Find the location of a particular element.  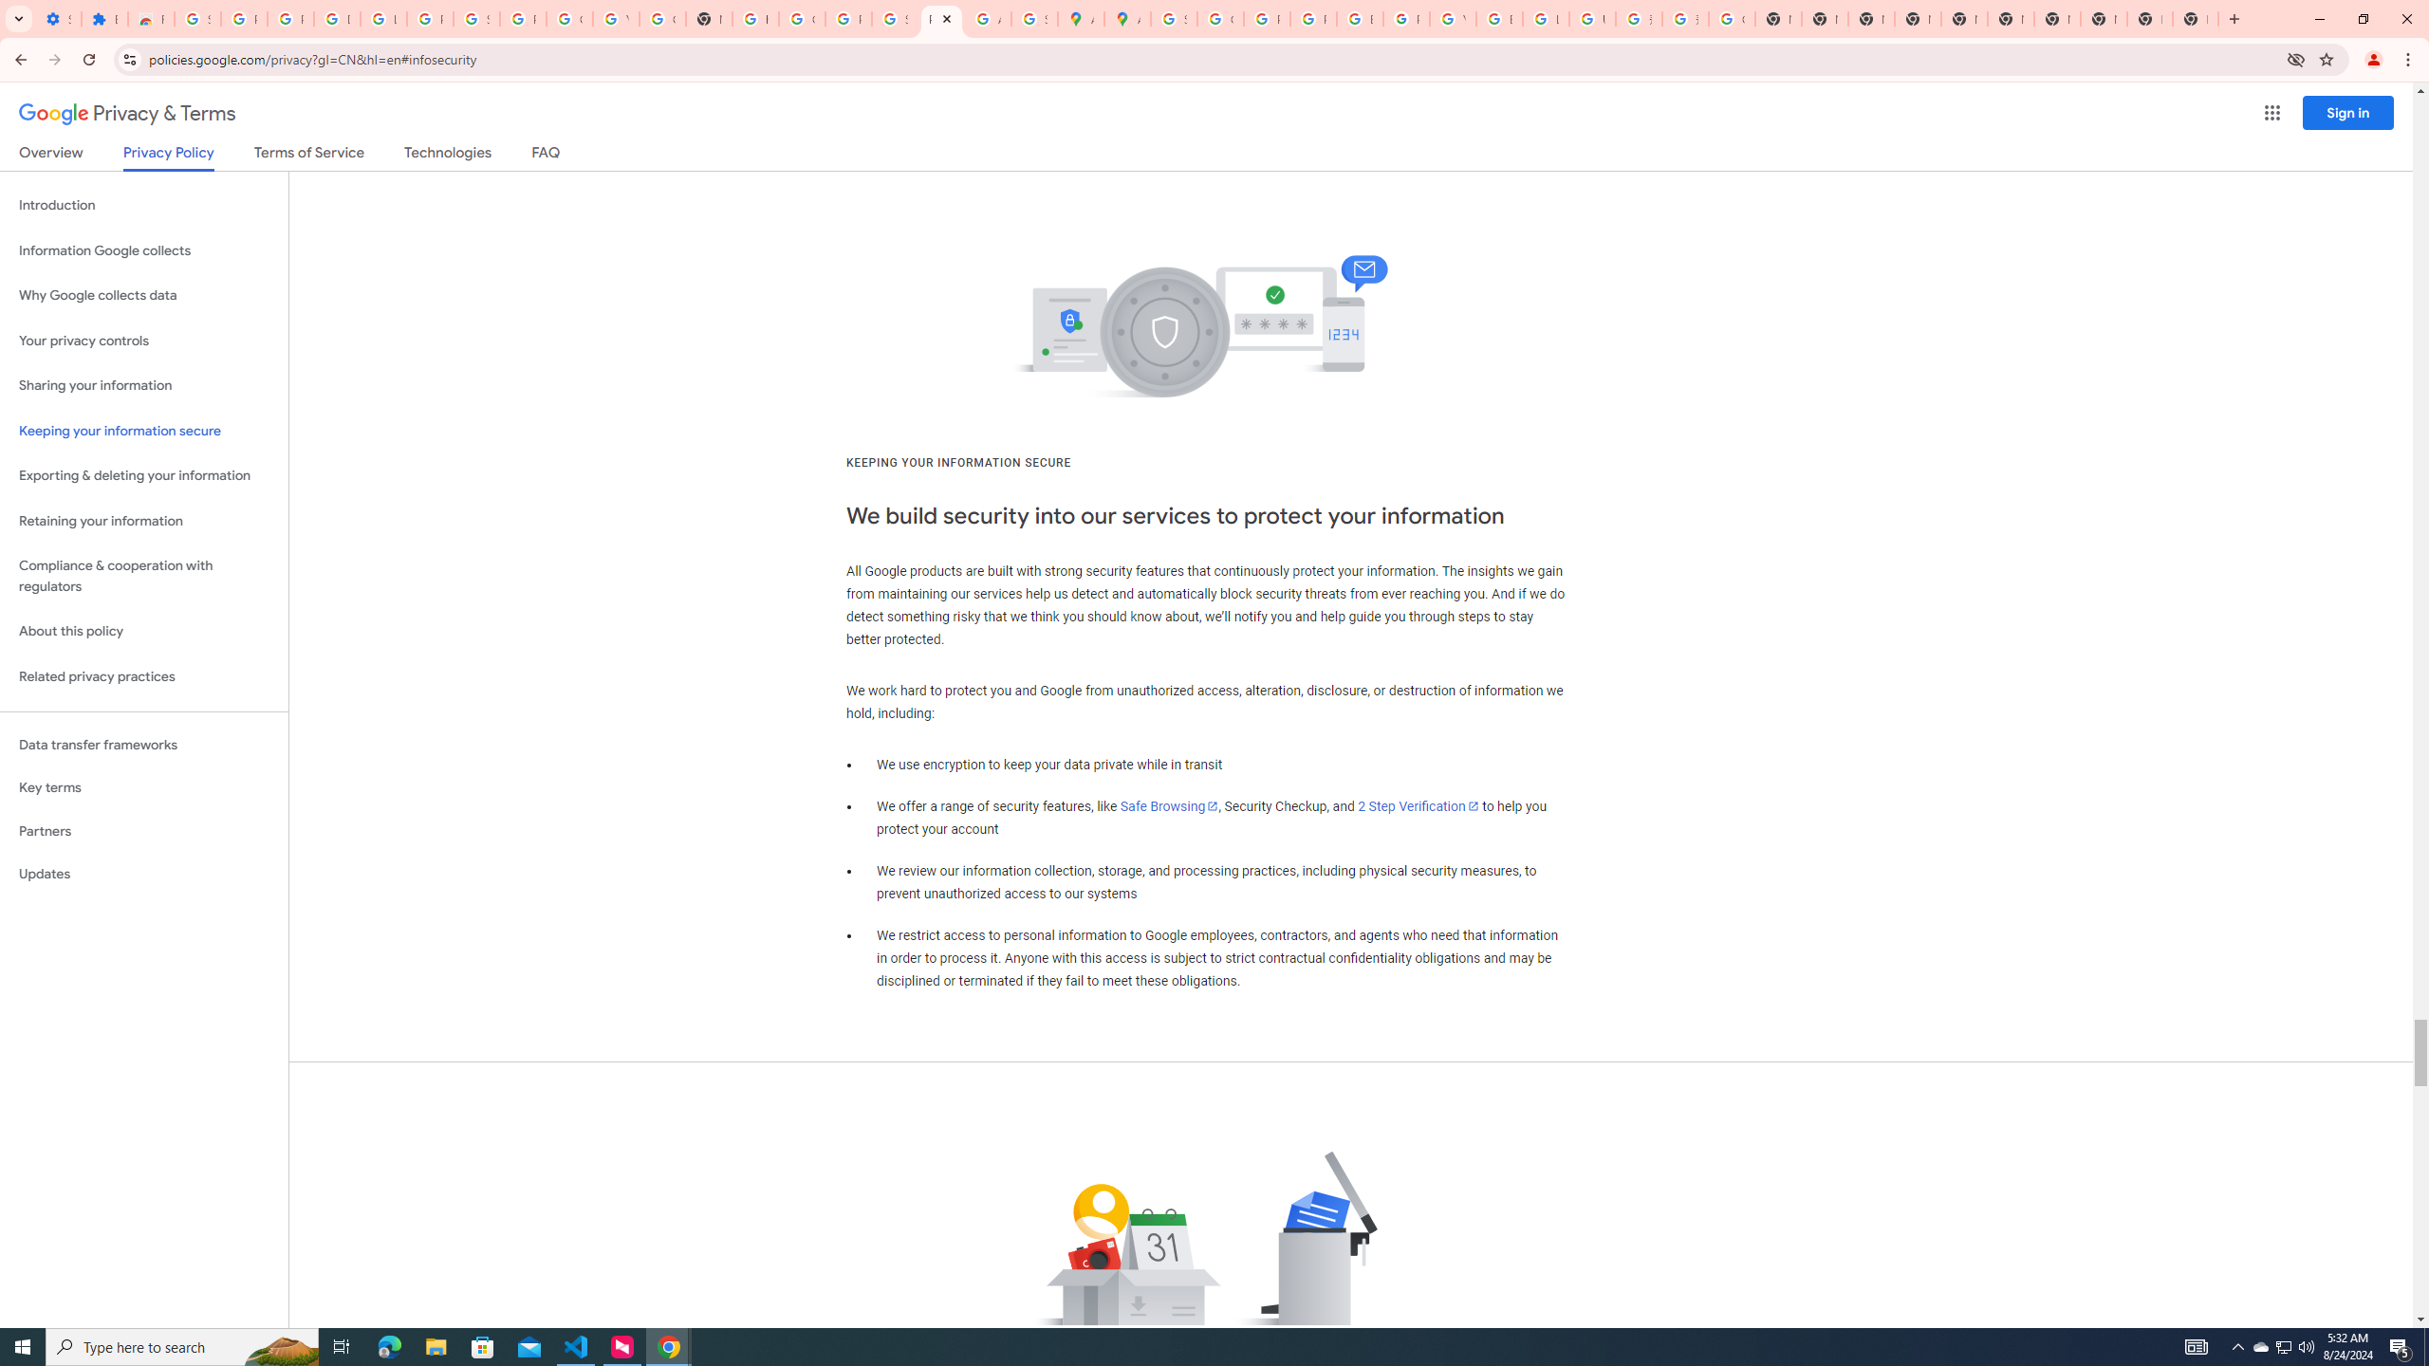

'Related privacy practices' is located at coordinates (143, 675).